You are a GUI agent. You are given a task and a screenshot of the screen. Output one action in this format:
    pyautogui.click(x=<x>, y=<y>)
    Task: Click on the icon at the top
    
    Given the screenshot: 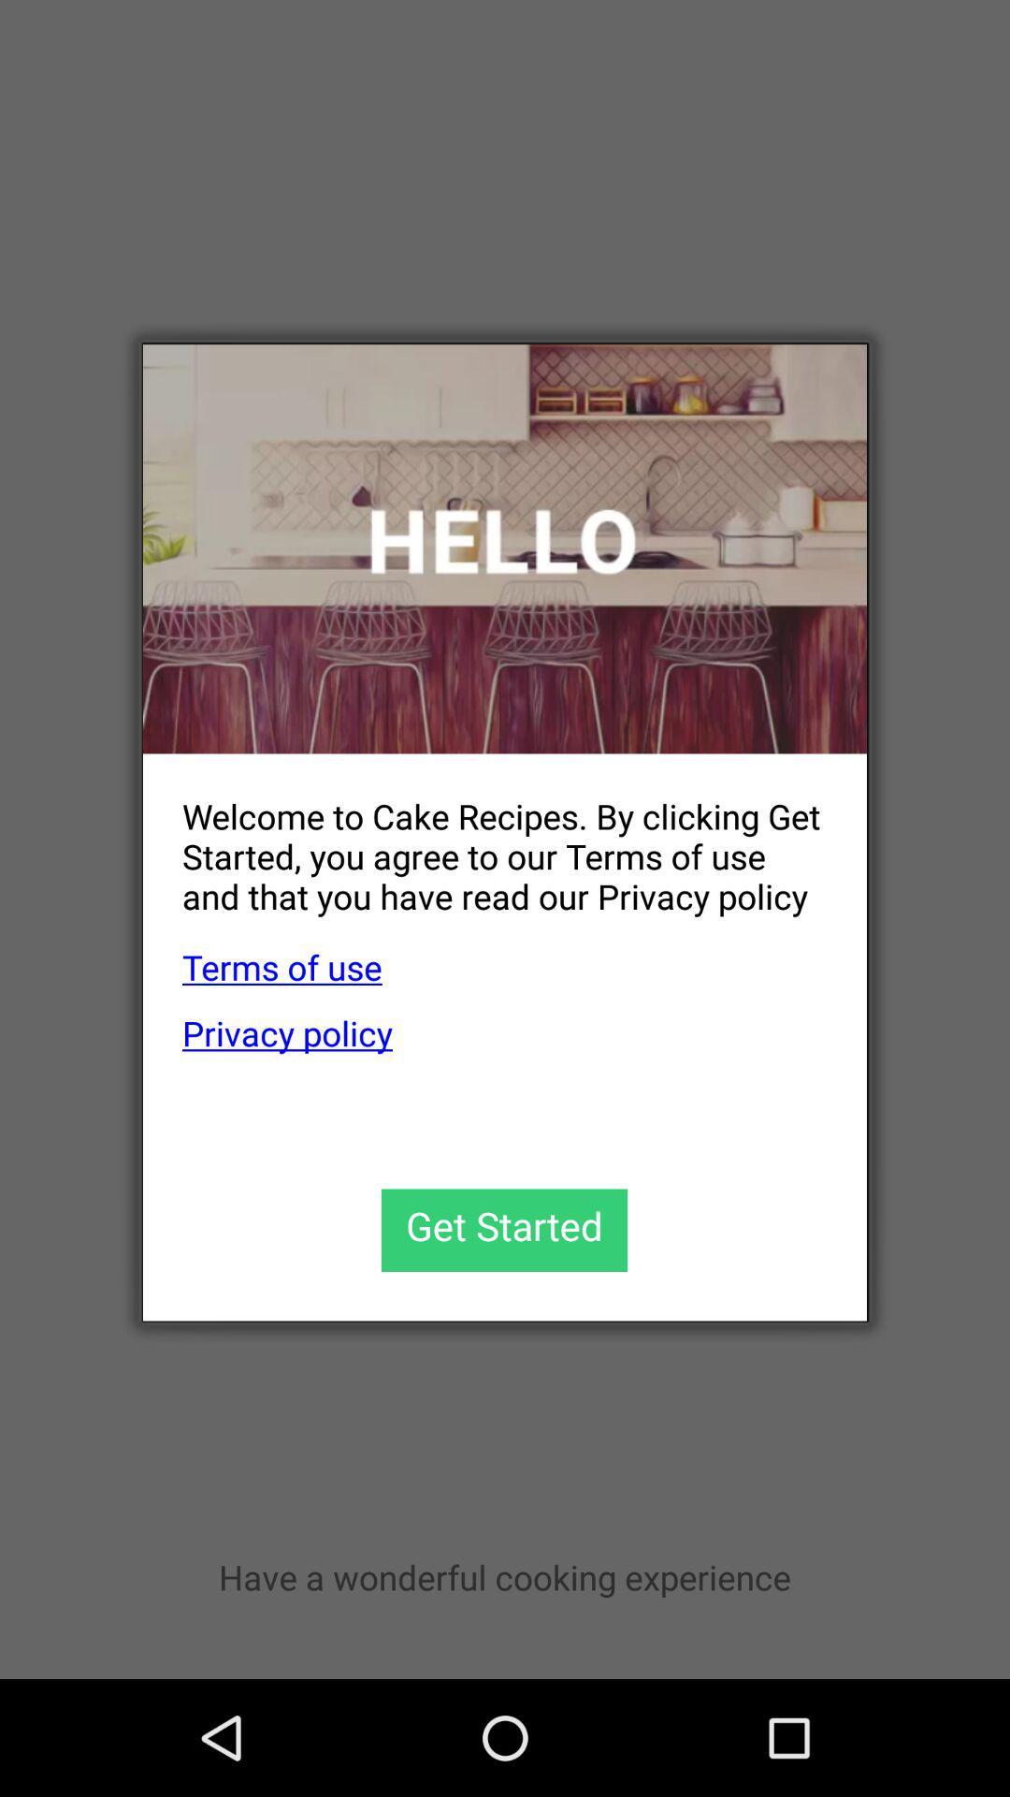 What is the action you would take?
    pyautogui.click(x=505, y=548)
    